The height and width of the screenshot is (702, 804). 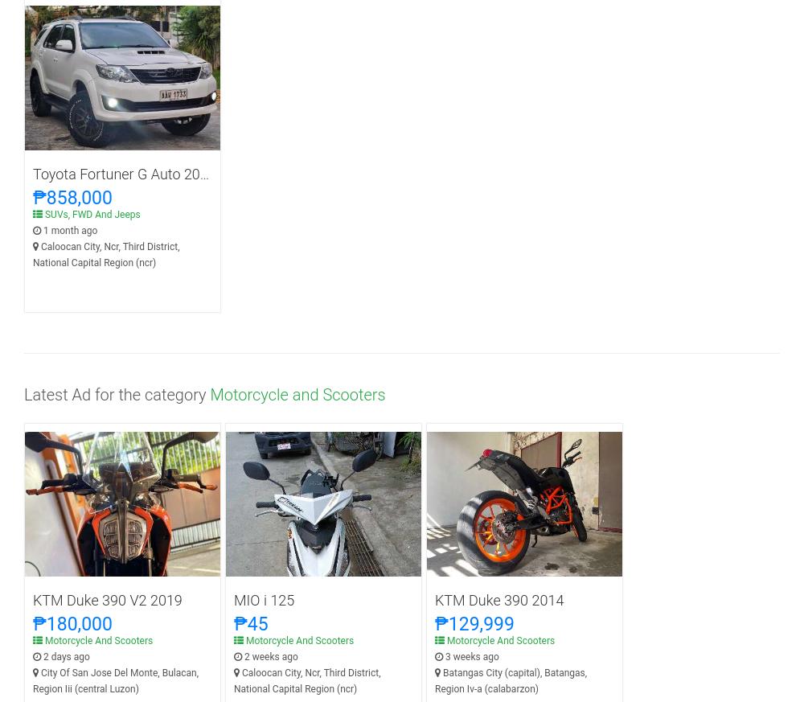 What do you see at coordinates (124, 173) in the screenshot?
I see `'Toyota Fortuner G Auto 2014'` at bounding box center [124, 173].